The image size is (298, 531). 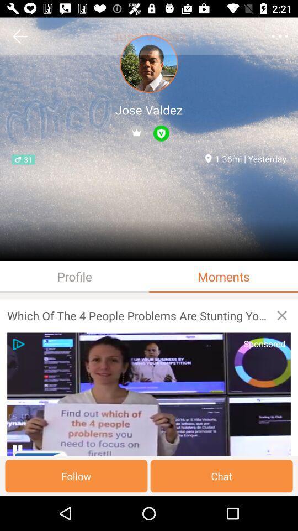 I want to click on the 2nd icon below jose valdez, so click(x=161, y=133).